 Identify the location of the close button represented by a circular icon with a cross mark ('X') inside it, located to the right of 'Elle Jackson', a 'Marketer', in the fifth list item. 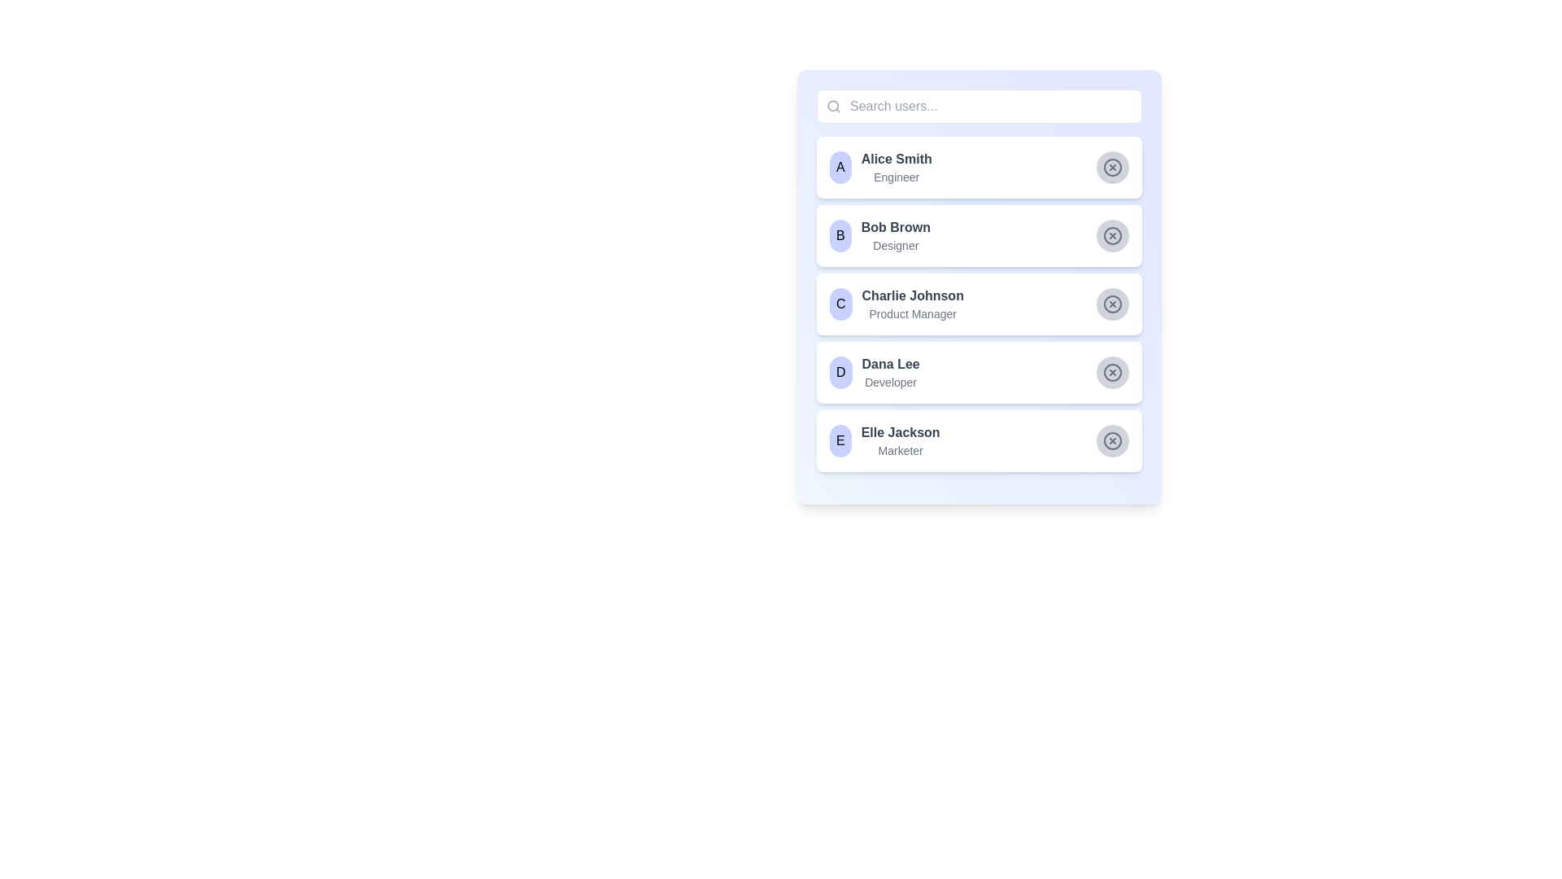
(1112, 441).